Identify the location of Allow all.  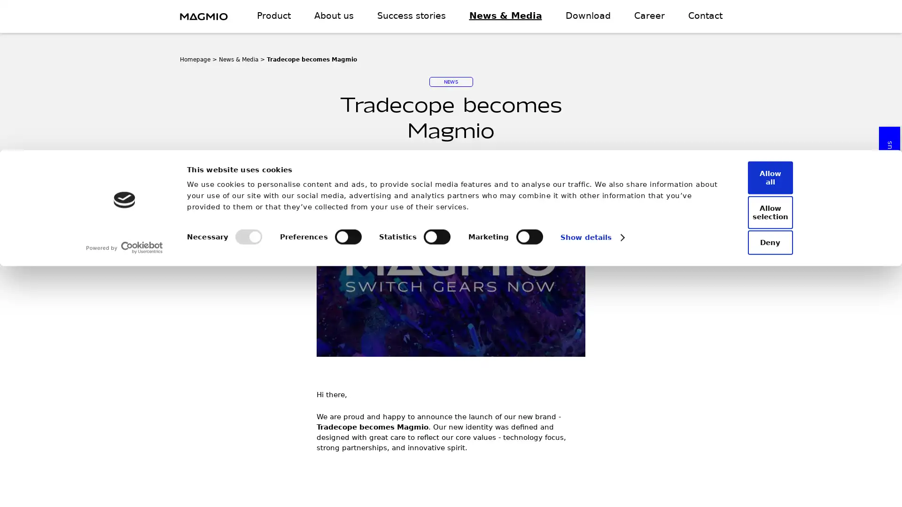
(760, 425).